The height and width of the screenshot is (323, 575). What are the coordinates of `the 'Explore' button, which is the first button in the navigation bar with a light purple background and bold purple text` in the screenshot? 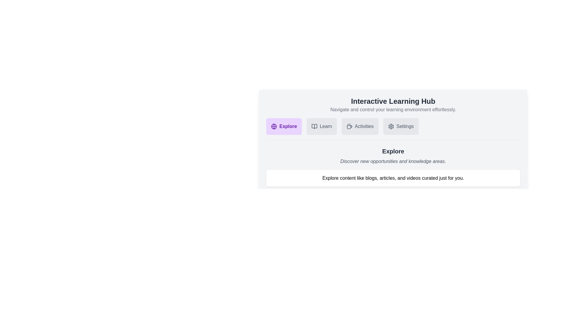 It's located at (284, 126).